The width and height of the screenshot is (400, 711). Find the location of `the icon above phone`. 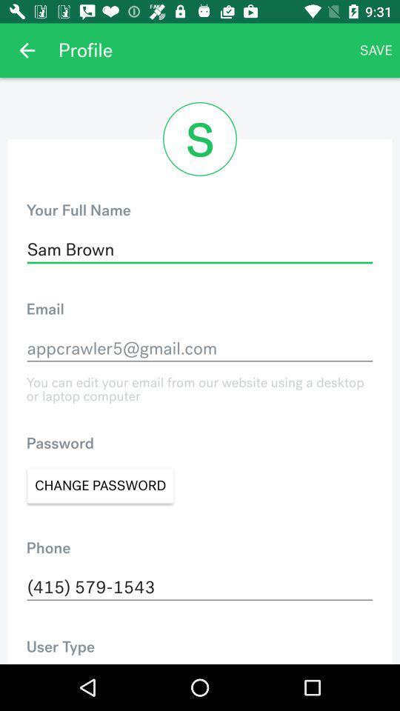

the icon above phone is located at coordinates (100, 484).